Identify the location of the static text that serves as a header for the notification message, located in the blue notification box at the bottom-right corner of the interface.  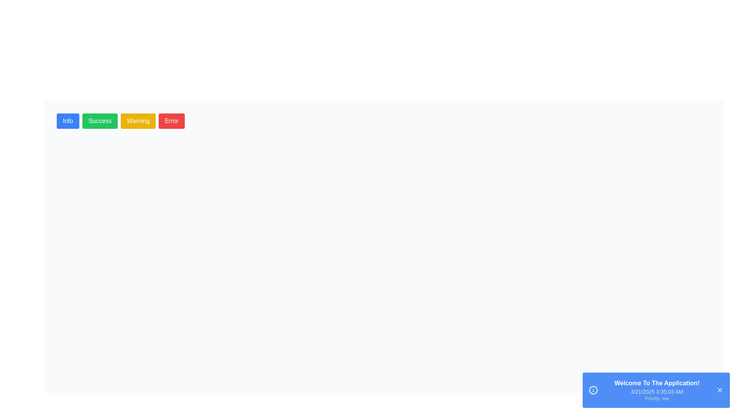
(656, 383).